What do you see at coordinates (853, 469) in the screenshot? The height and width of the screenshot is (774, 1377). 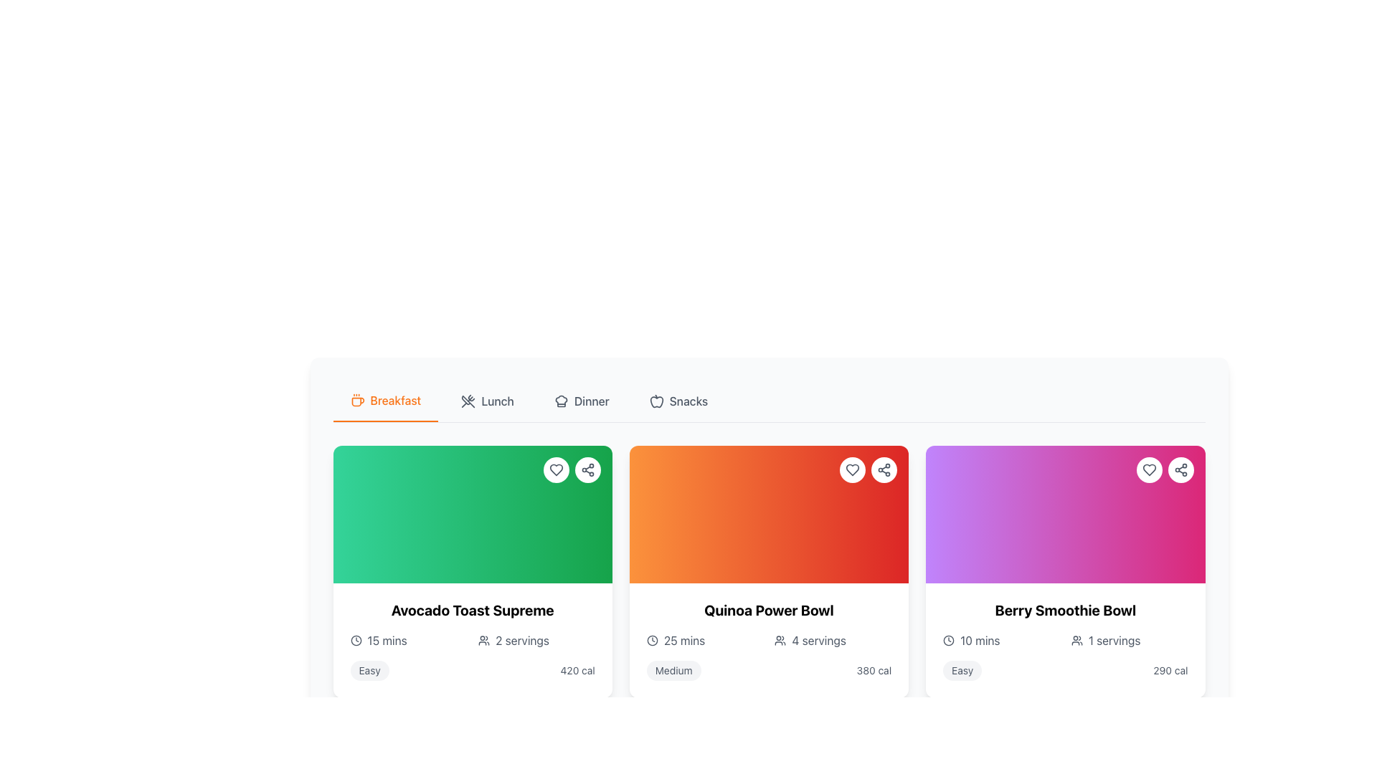 I see `the like button located in the upper-right corner of the middle recipe card to like or unlike the recipe` at bounding box center [853, 469].